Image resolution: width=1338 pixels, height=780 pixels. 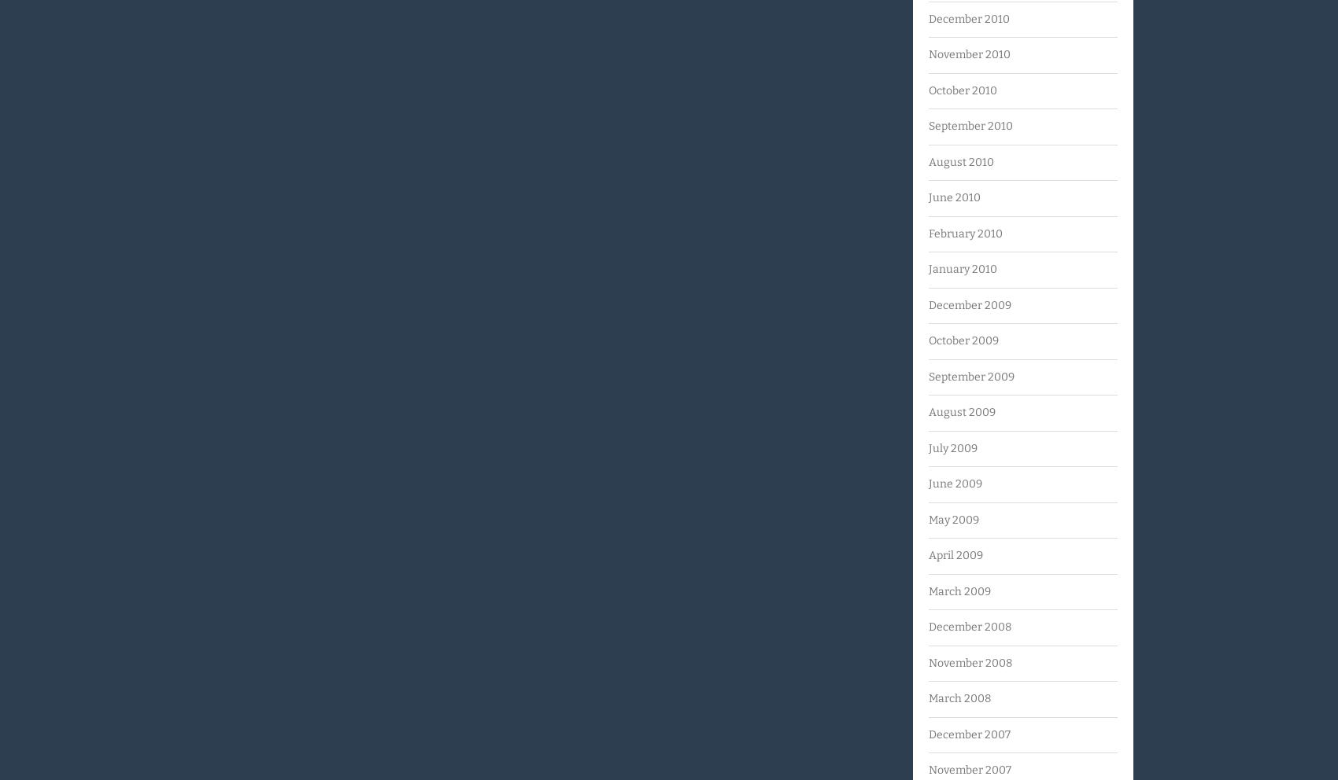 What do you see at coordinates (952, 519) in the screenshot?
I see `'May 2009'` at bounding box center [952, 519].